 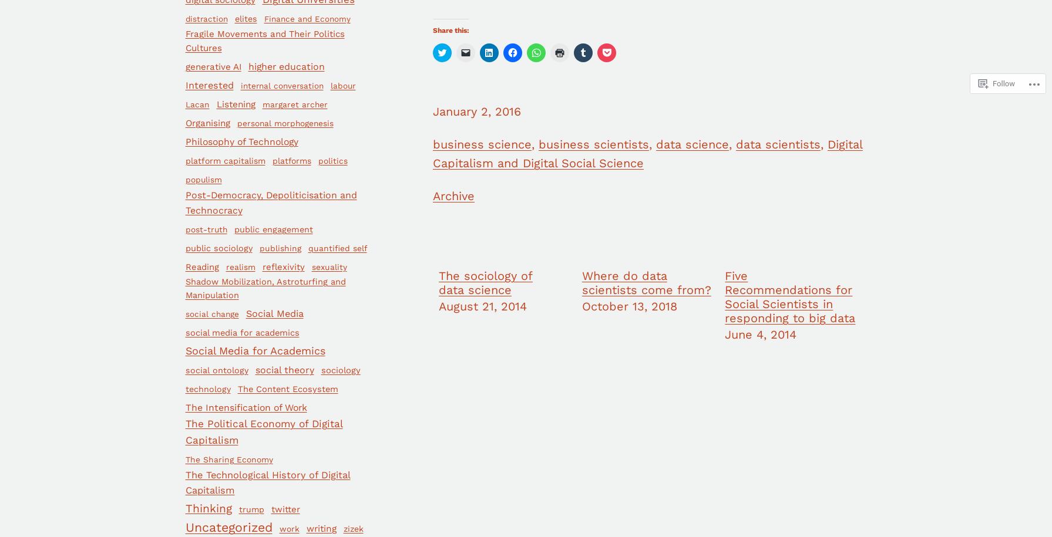 I want to click on 'June 4, 2014', so click(x=760, y=333).